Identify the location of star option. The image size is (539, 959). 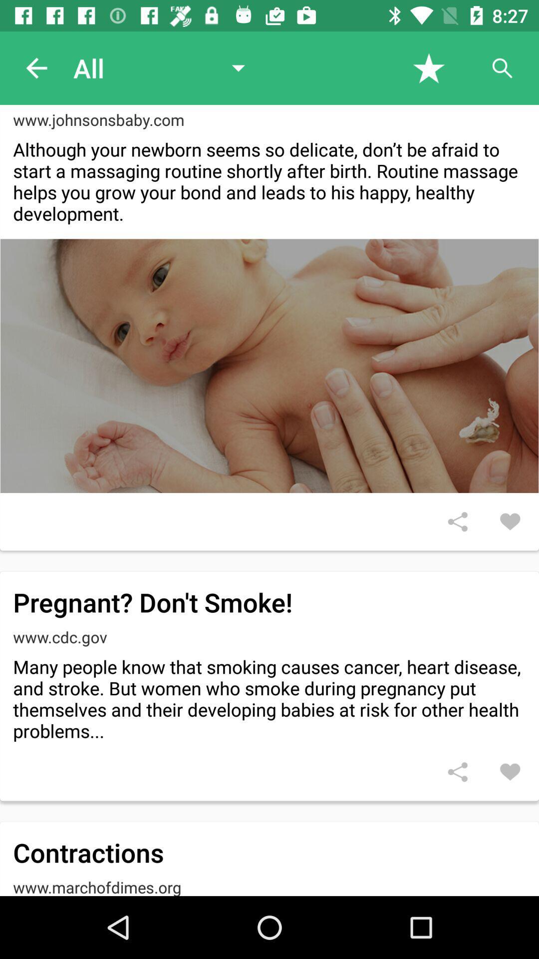
(428, 67).